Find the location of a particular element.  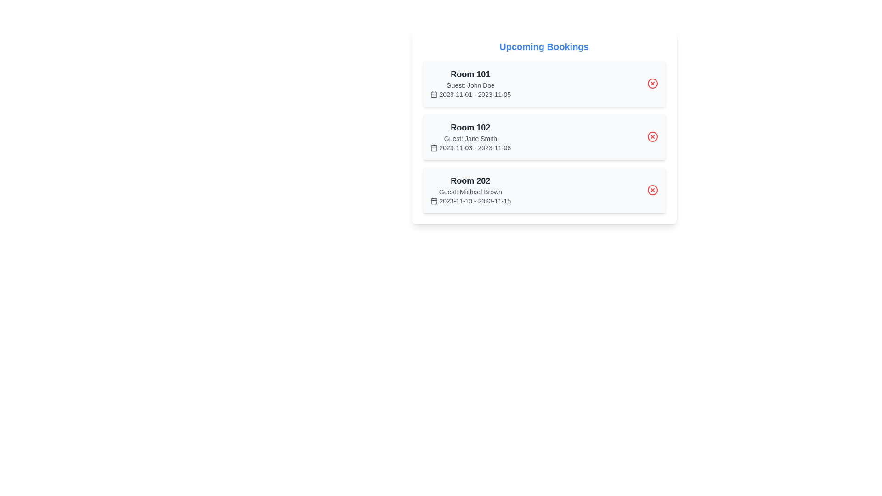

the static text displaying the date range '2023-11-01 - 2023-11-05' which is styled in gray and accompanied by a small calendar icon, positioned in the third row after 'Room 101' and 'Guest: John Doe' is located at coordinates (470, 94).